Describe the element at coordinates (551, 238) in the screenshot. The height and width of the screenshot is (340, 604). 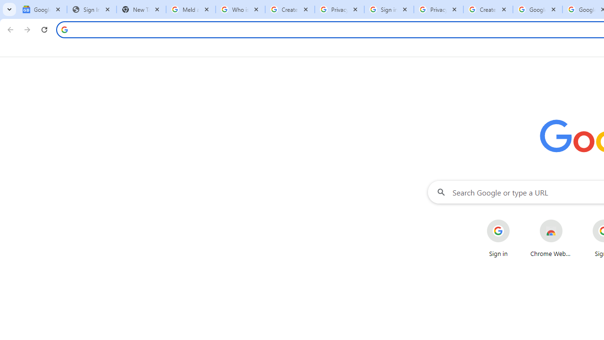
I see `'Chrome Web Store'` at that location.